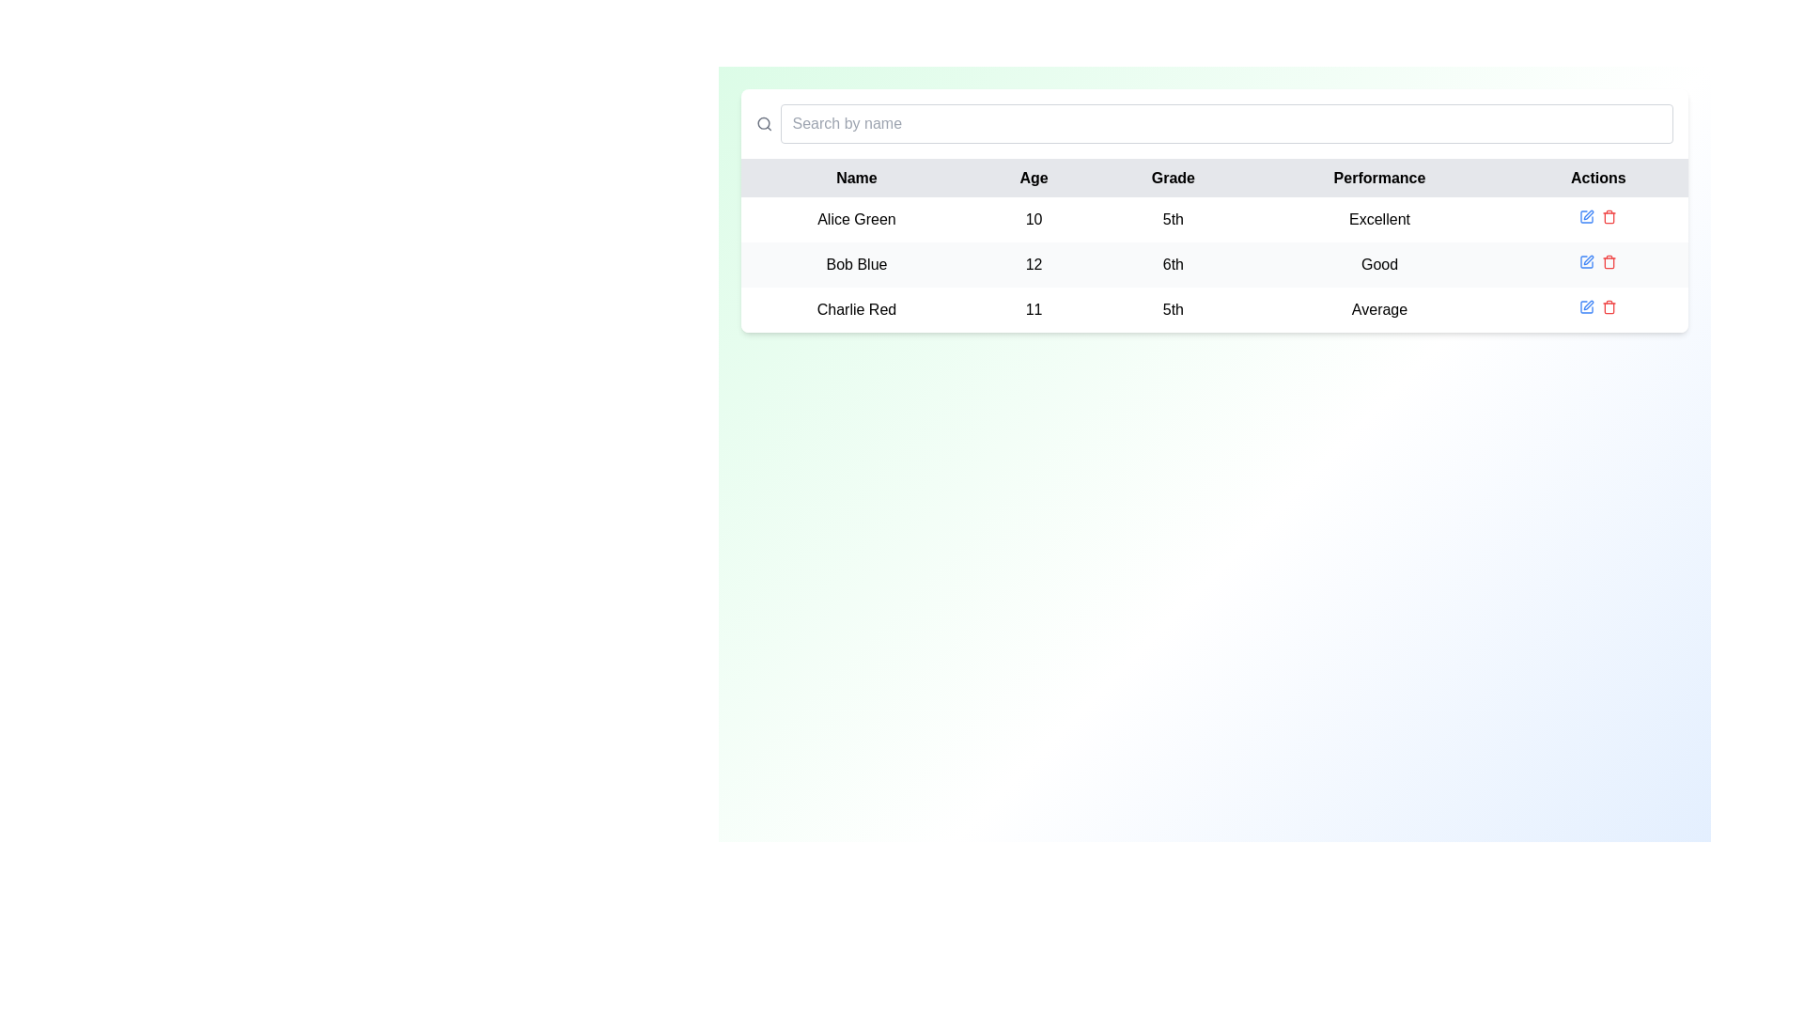 This screenshot has height=1015, width=1804. I want to click on the icon button resembling a pen over a square located in the 'Actions' column for 'Charlie Red' to initiate an edit action, so click(1588, 304).